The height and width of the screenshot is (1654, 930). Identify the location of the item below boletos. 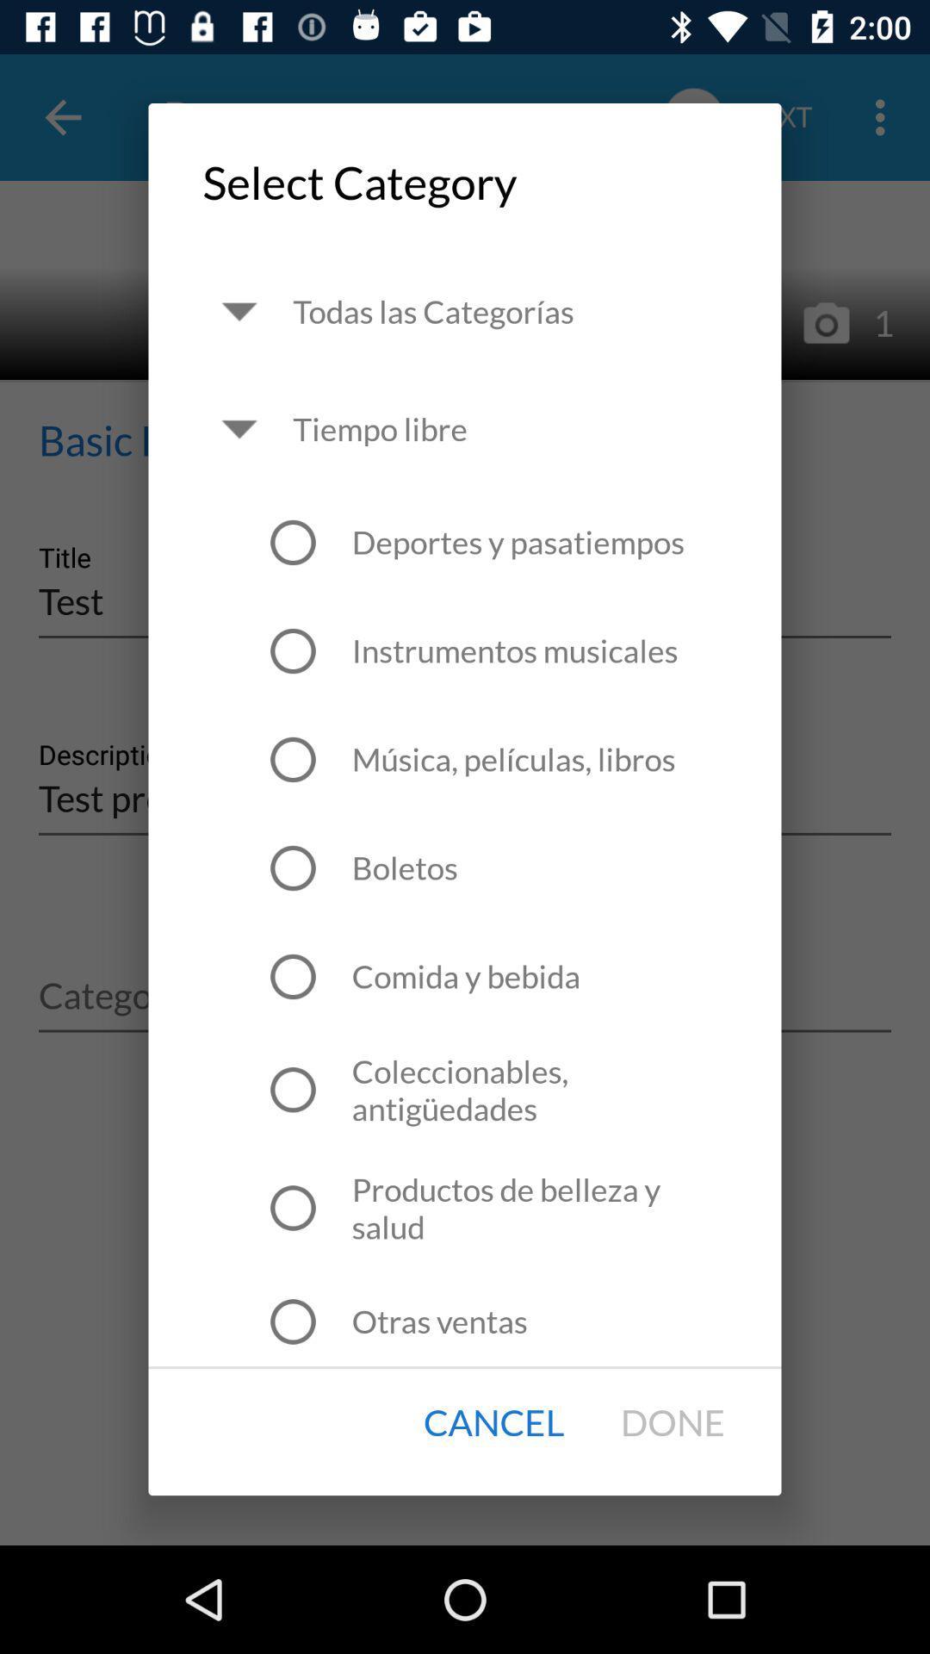
(466, 976).